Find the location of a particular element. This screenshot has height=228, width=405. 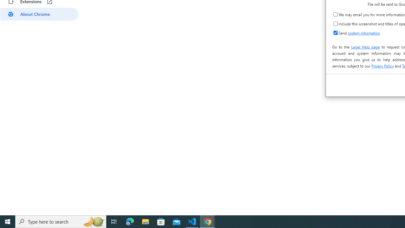

'Visual Studio Code - 1 running window' is located at coordinates (192, 221).